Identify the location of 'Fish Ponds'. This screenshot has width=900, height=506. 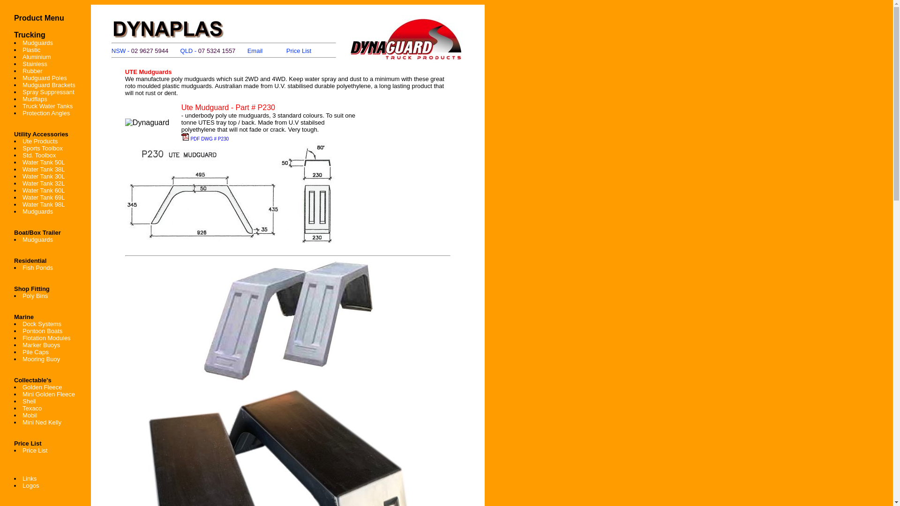
(22, 268).